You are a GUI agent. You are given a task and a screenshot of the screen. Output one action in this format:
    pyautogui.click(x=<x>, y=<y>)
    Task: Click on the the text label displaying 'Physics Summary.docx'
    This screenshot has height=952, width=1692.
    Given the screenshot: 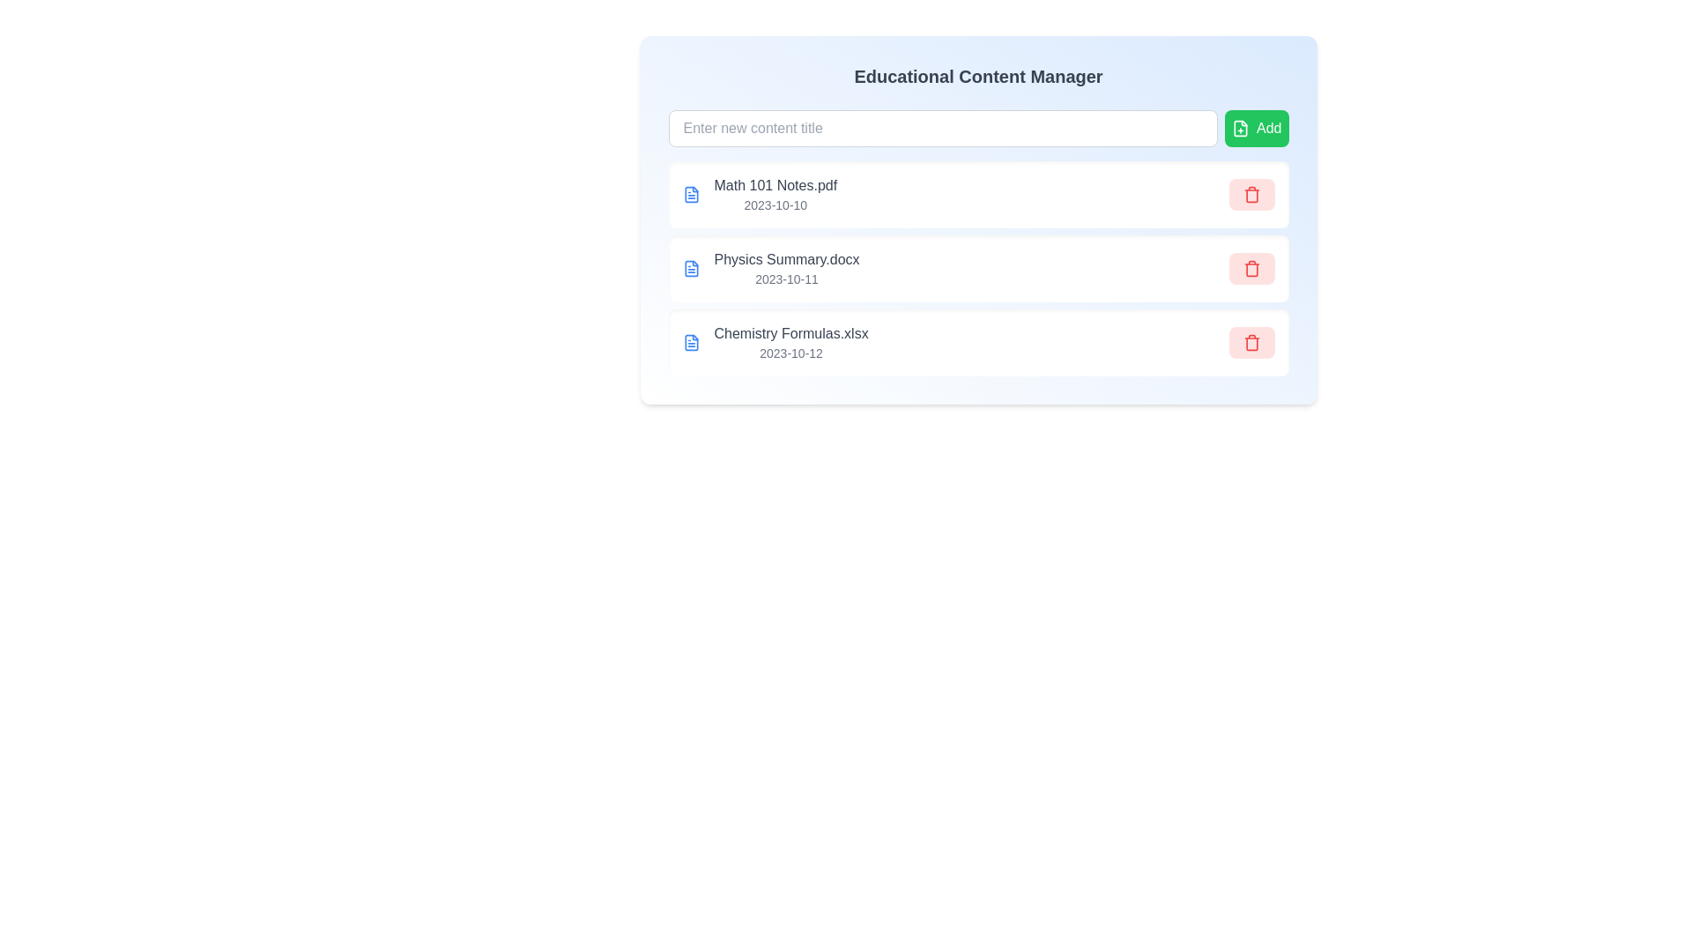 What is the action you would take?
    pyautogui.click(x=785, y=268)
    